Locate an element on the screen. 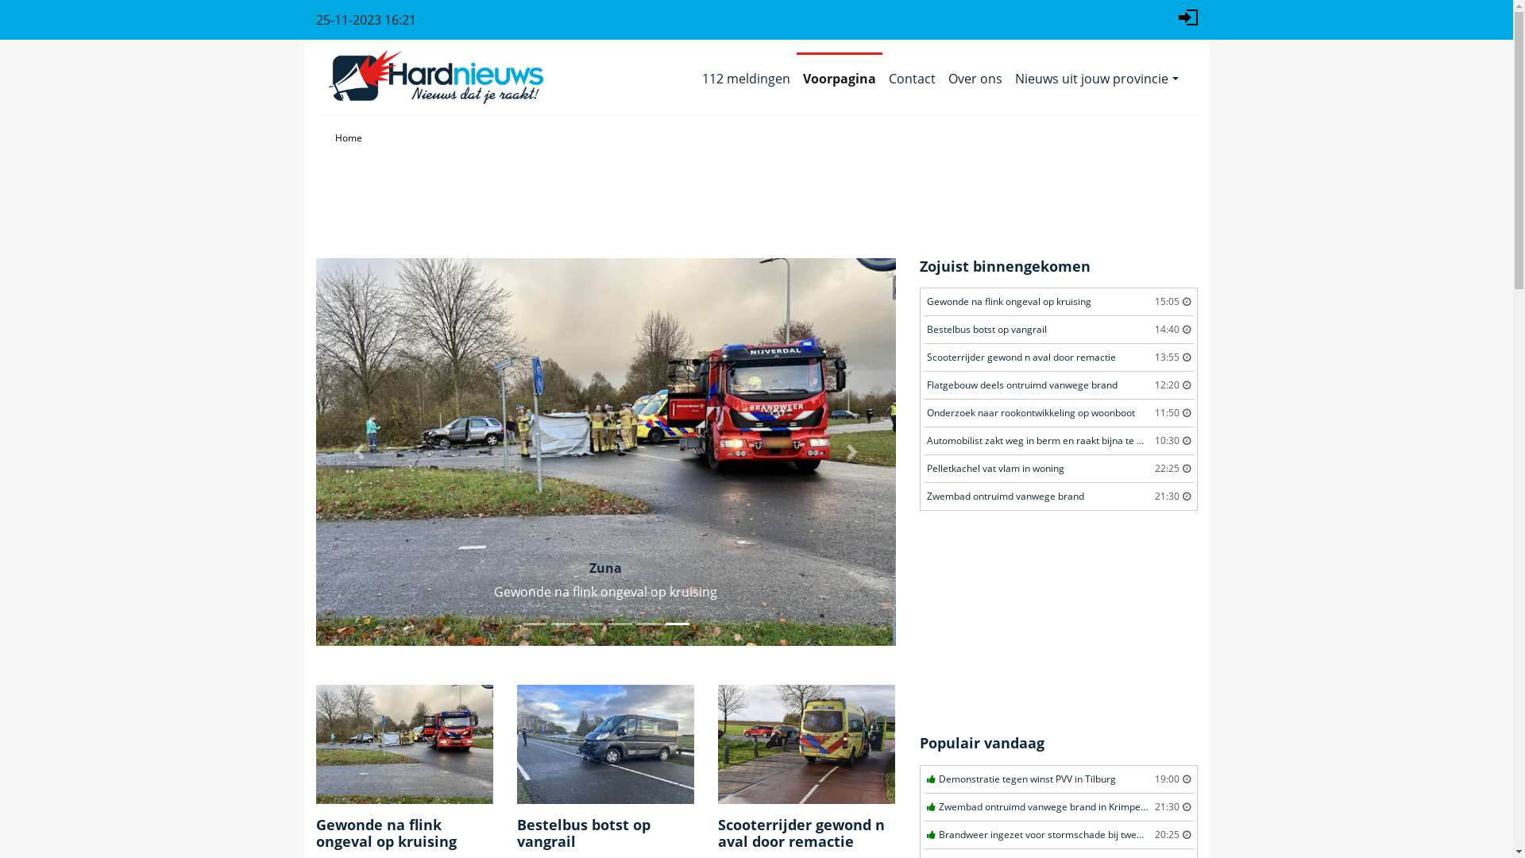 The width and height of the screenshot is (1525, 858). 'Home' is located at coordinates (347, 137).